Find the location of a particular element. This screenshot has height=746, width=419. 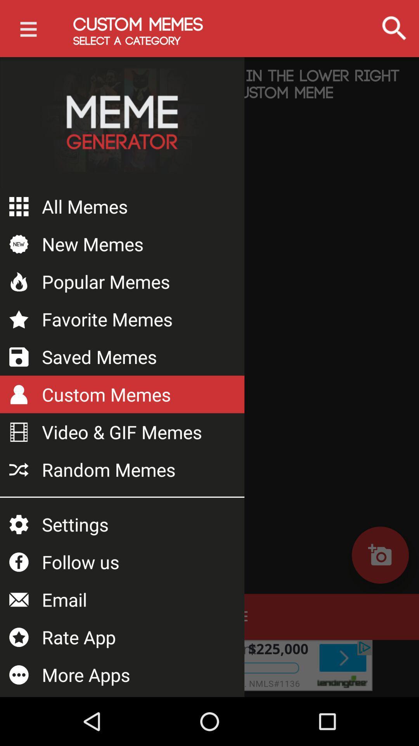

the photo icon is located at coordinates (380, 554).